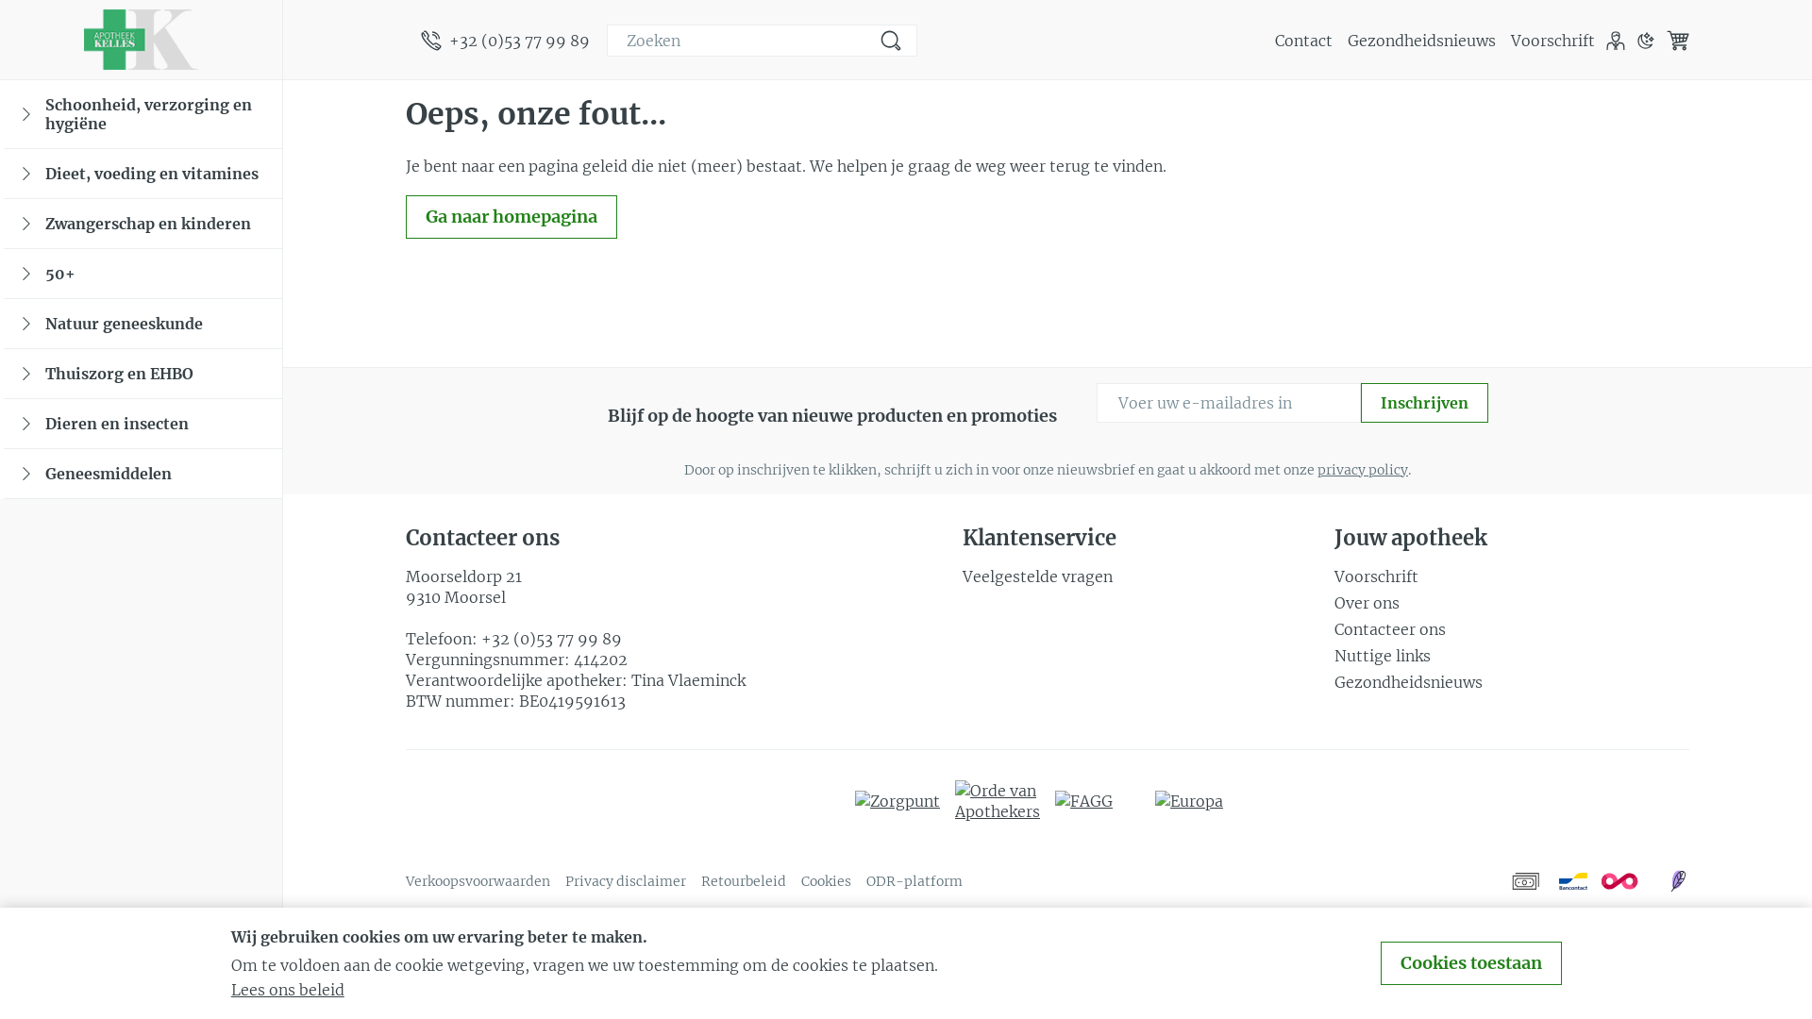  Describe the element at coordinates (1677, 40) in the screenshot. I see `'Winkelwagen'` at that location.